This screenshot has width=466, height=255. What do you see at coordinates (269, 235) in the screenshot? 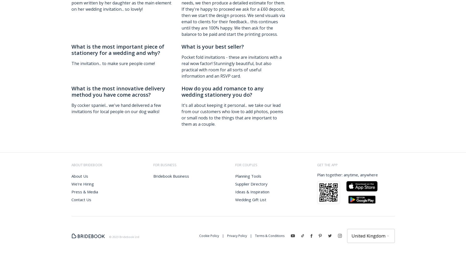
I see `'Terms & Conditions'` at bounding box center [269, 235].